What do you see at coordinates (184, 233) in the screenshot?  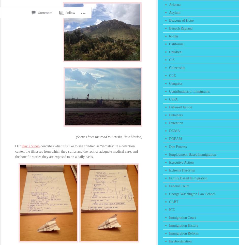 I see `'Immigration Reform'` at bounding box center [184, 233].